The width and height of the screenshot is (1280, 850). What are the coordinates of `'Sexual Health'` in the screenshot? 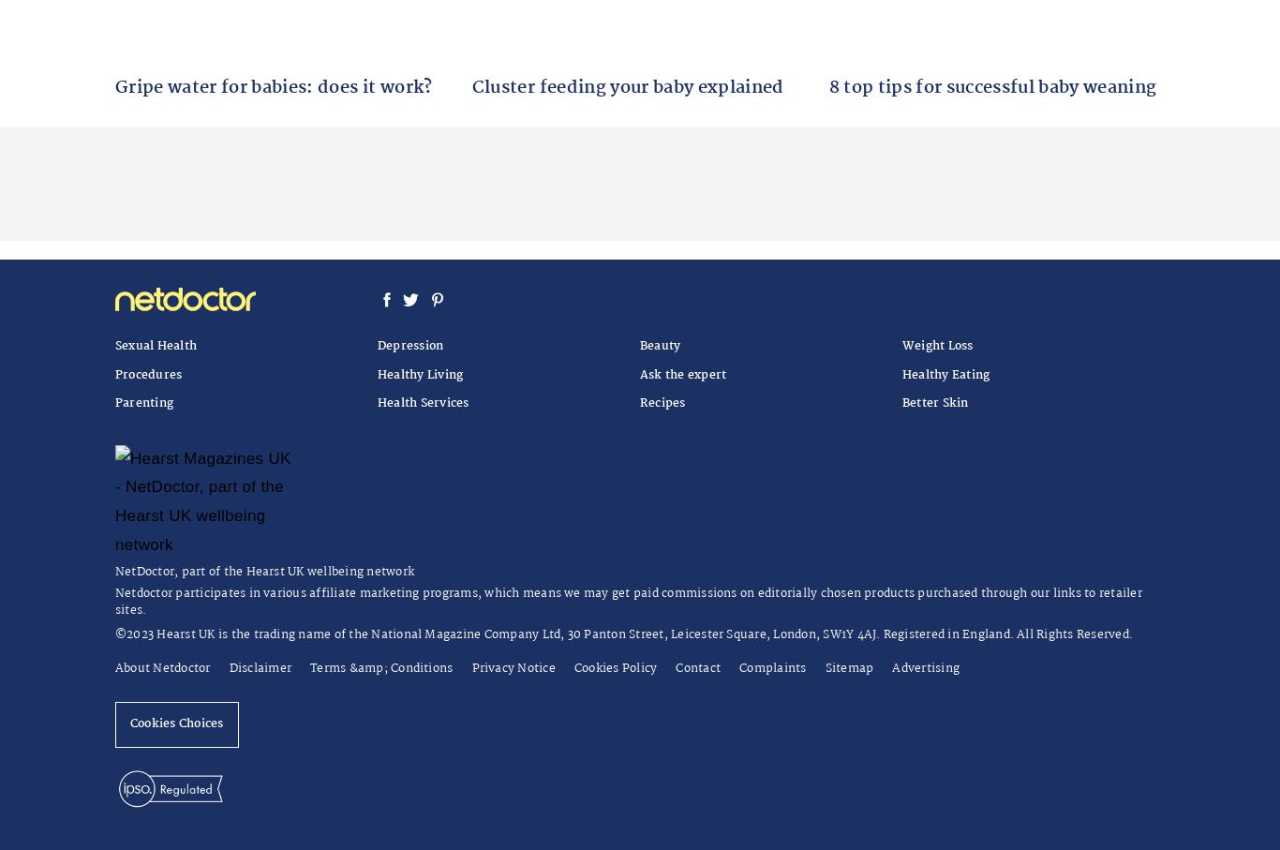 It's located at (155, 344).